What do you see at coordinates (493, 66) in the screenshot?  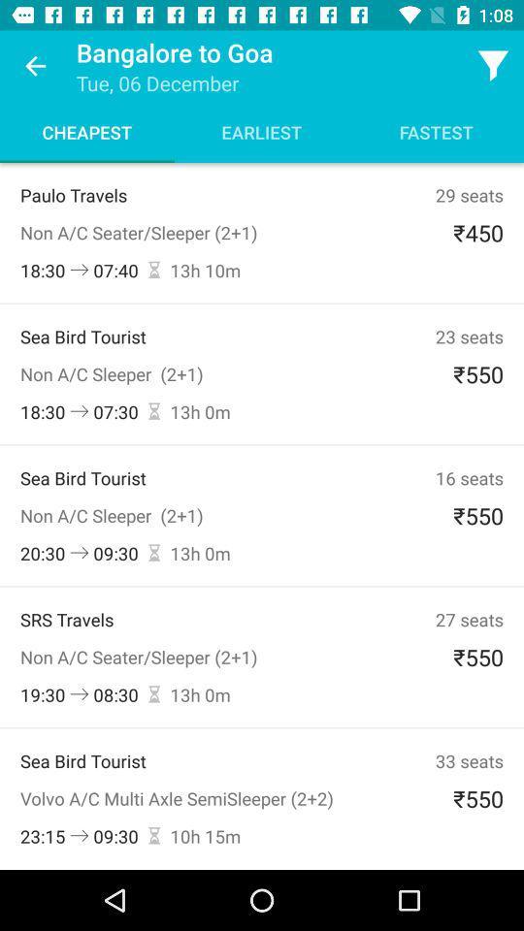 I see `icon next to bangalore to goa item` at bounding box center [493, 66].